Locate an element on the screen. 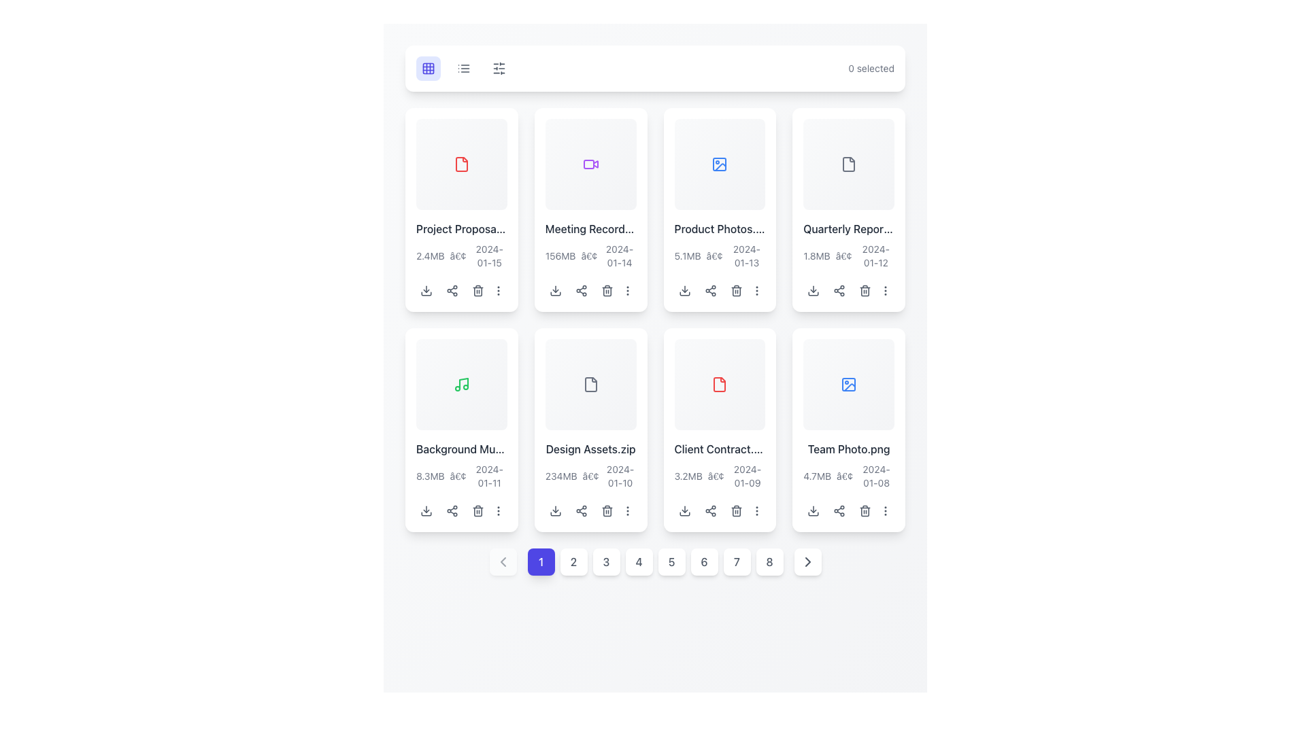  the video icon located in the upper right part of the grid layout of cards, specifically in the second column of the first row, which indicates a video or recording for the 'Meeting Record...' card is located at coordinates (590, 163).